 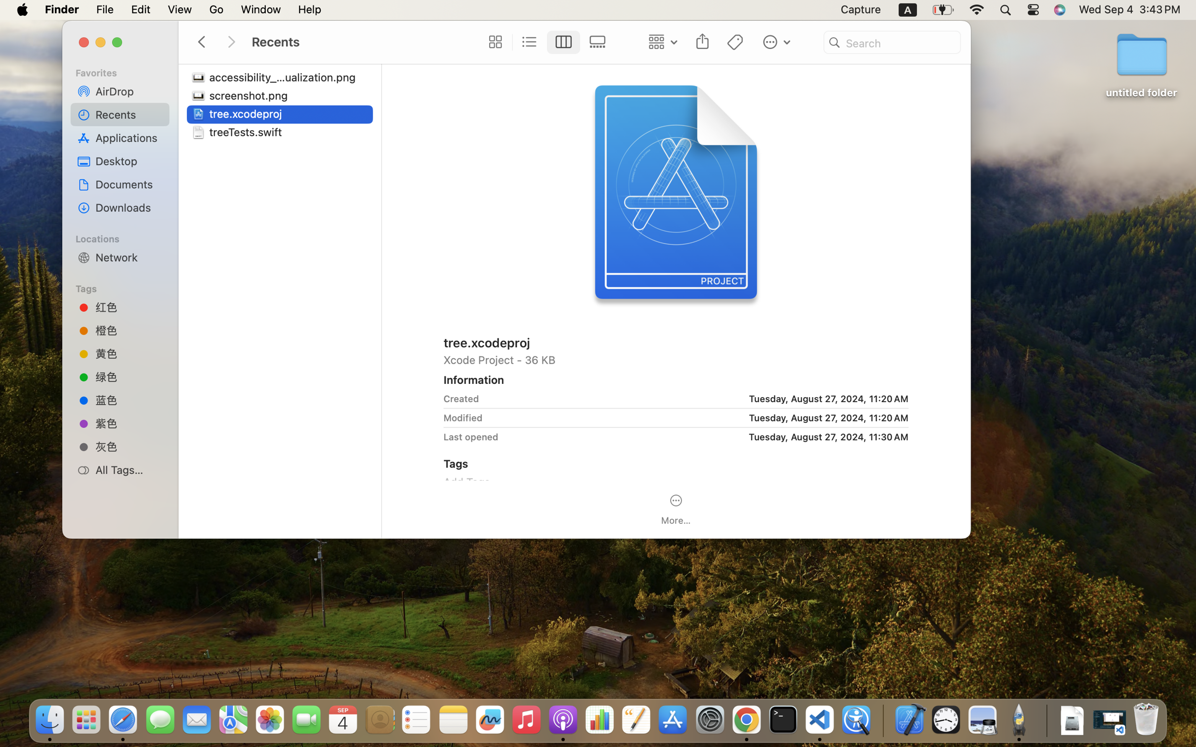 I want to click on '绿色', so click(x=128, y=376).